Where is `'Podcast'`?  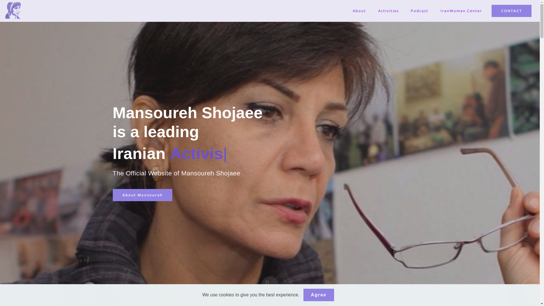 'Podcast' is located at coordinates (420, 11).